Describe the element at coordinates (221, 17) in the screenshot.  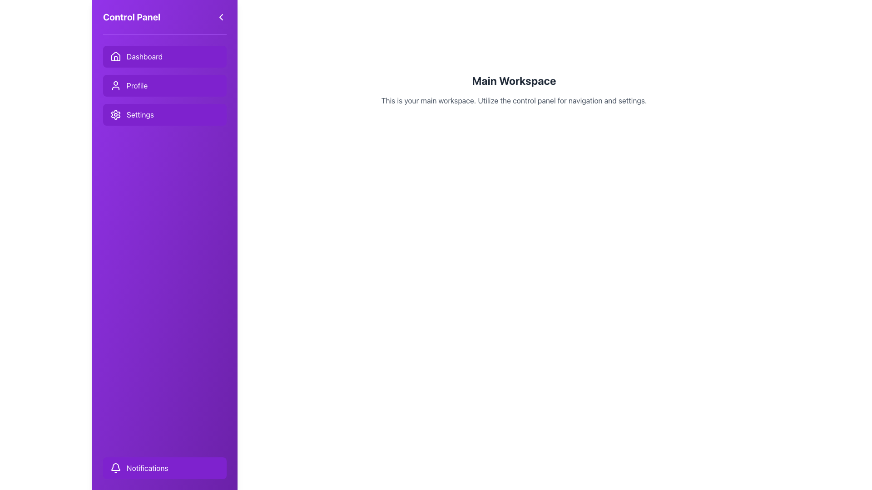
I see `the button located at the top-right corner of the purple control panel header, adjacent to the title text 'Control Panel'` at that location.